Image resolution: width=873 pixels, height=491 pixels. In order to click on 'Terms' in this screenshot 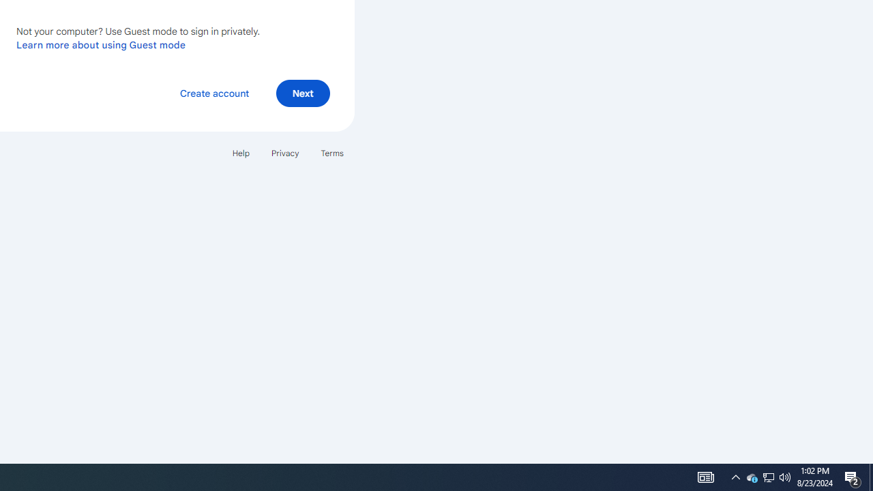, I will do `click(332, 153)`.